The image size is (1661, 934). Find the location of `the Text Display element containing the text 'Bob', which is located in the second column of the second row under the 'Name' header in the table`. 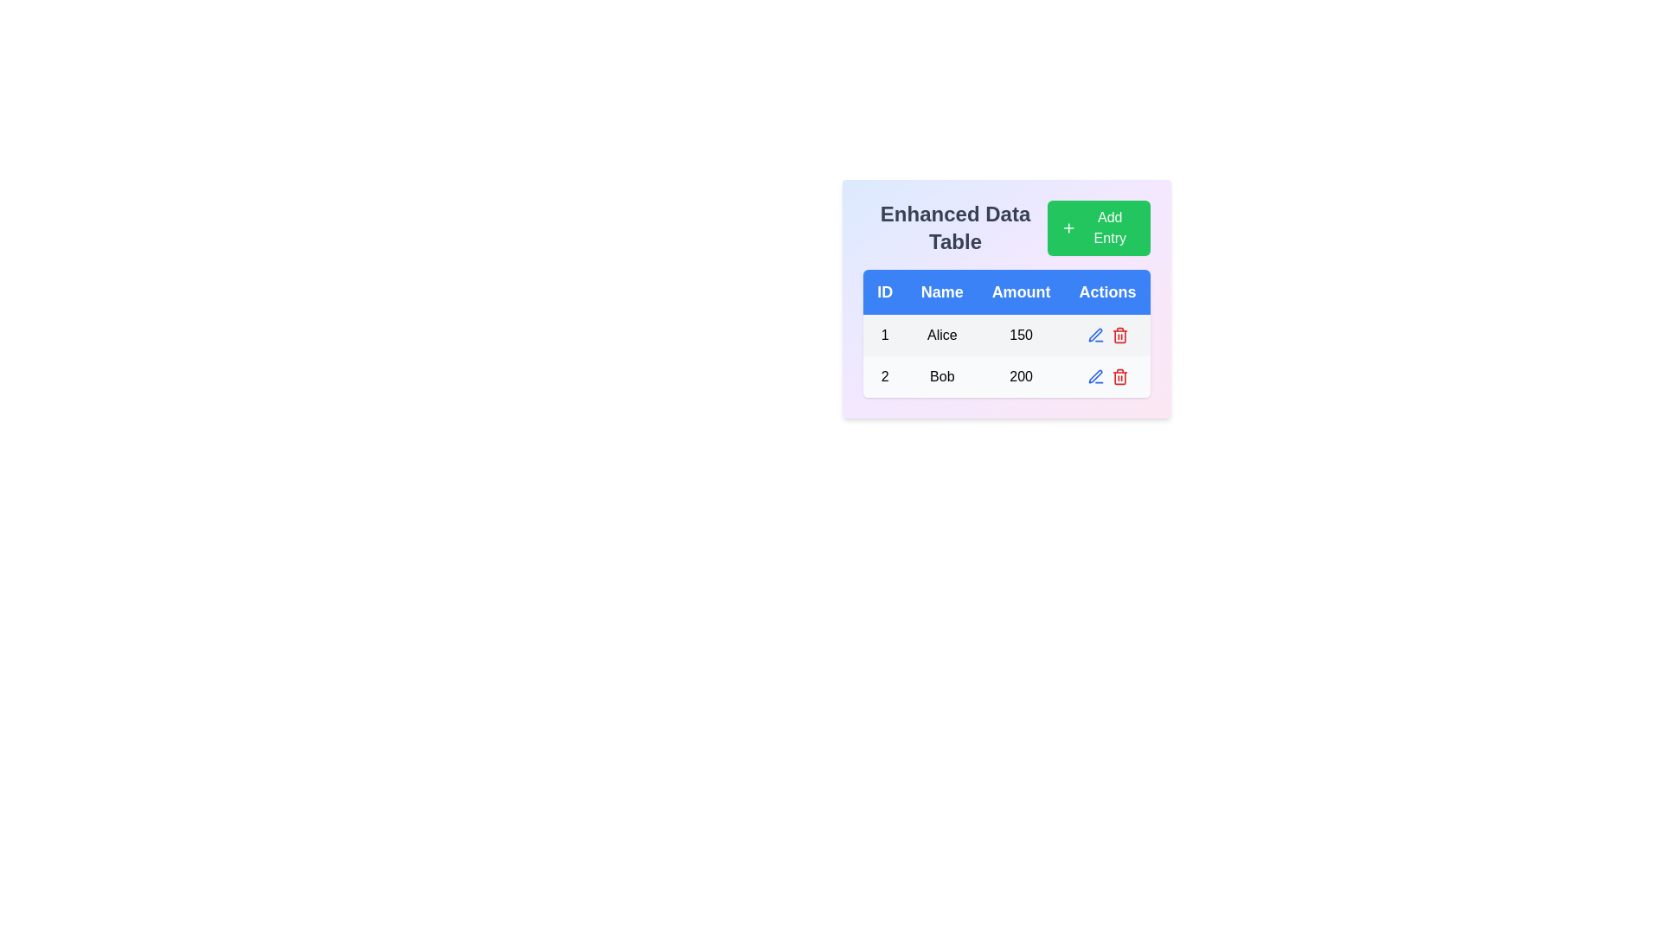

the Text Display element containing the text 'Bob', which is located in the second column of the second row under the 'Name' header in the table is located at coordinates (941, 375).